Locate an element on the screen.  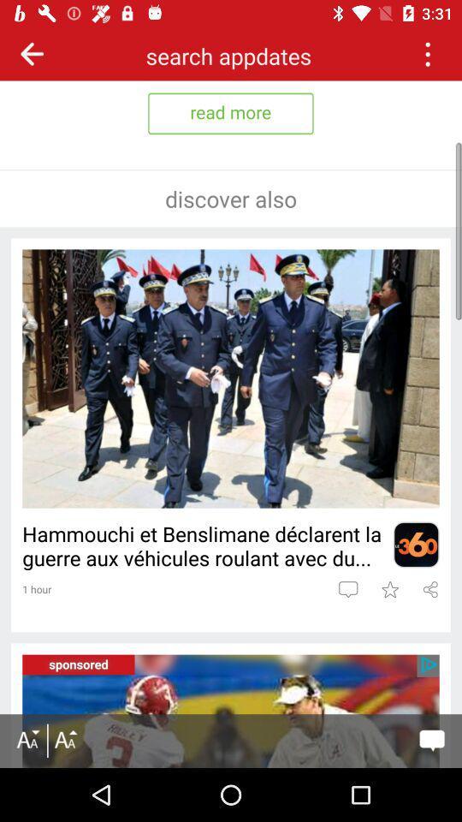
the share icon is located at coordinates (429, 589).